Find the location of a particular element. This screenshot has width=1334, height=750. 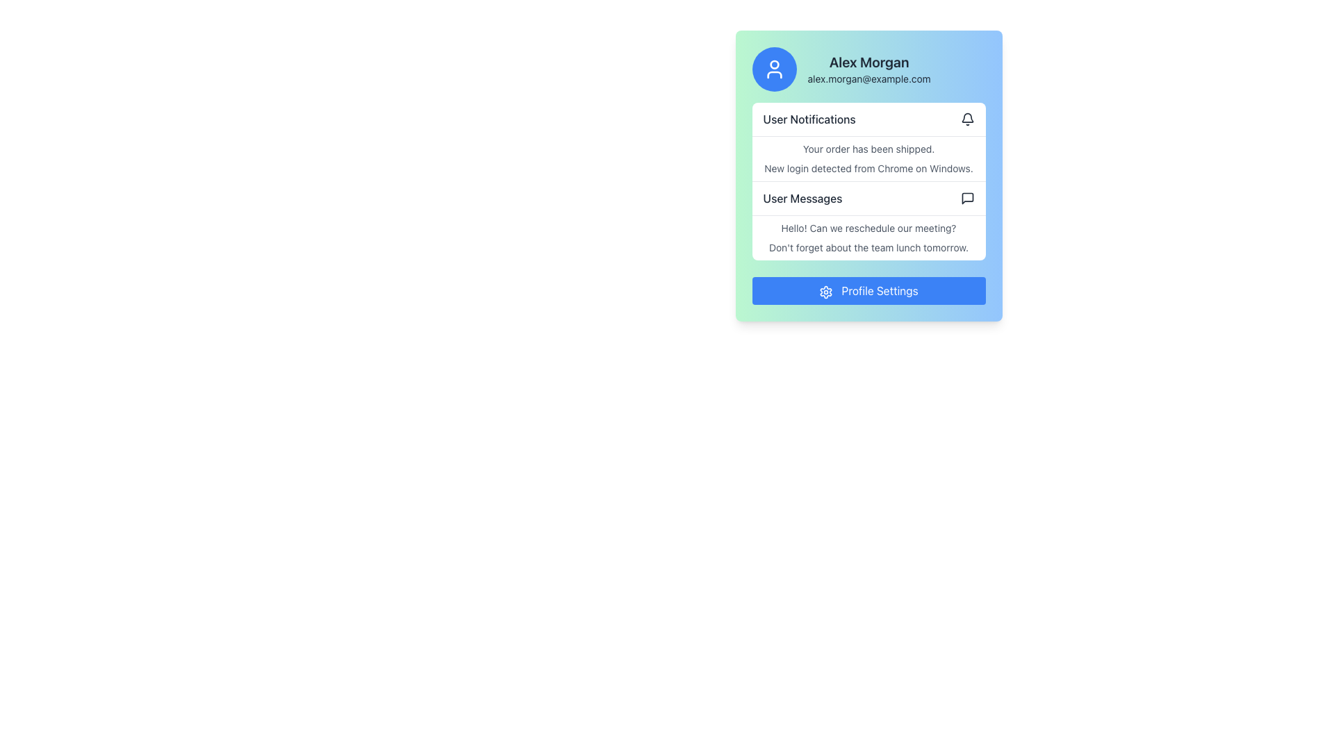

the gear icon located on the left side of the 'Profile Settings' button, which provides access to settings or profile customization options is located at coordinates (826, 291).